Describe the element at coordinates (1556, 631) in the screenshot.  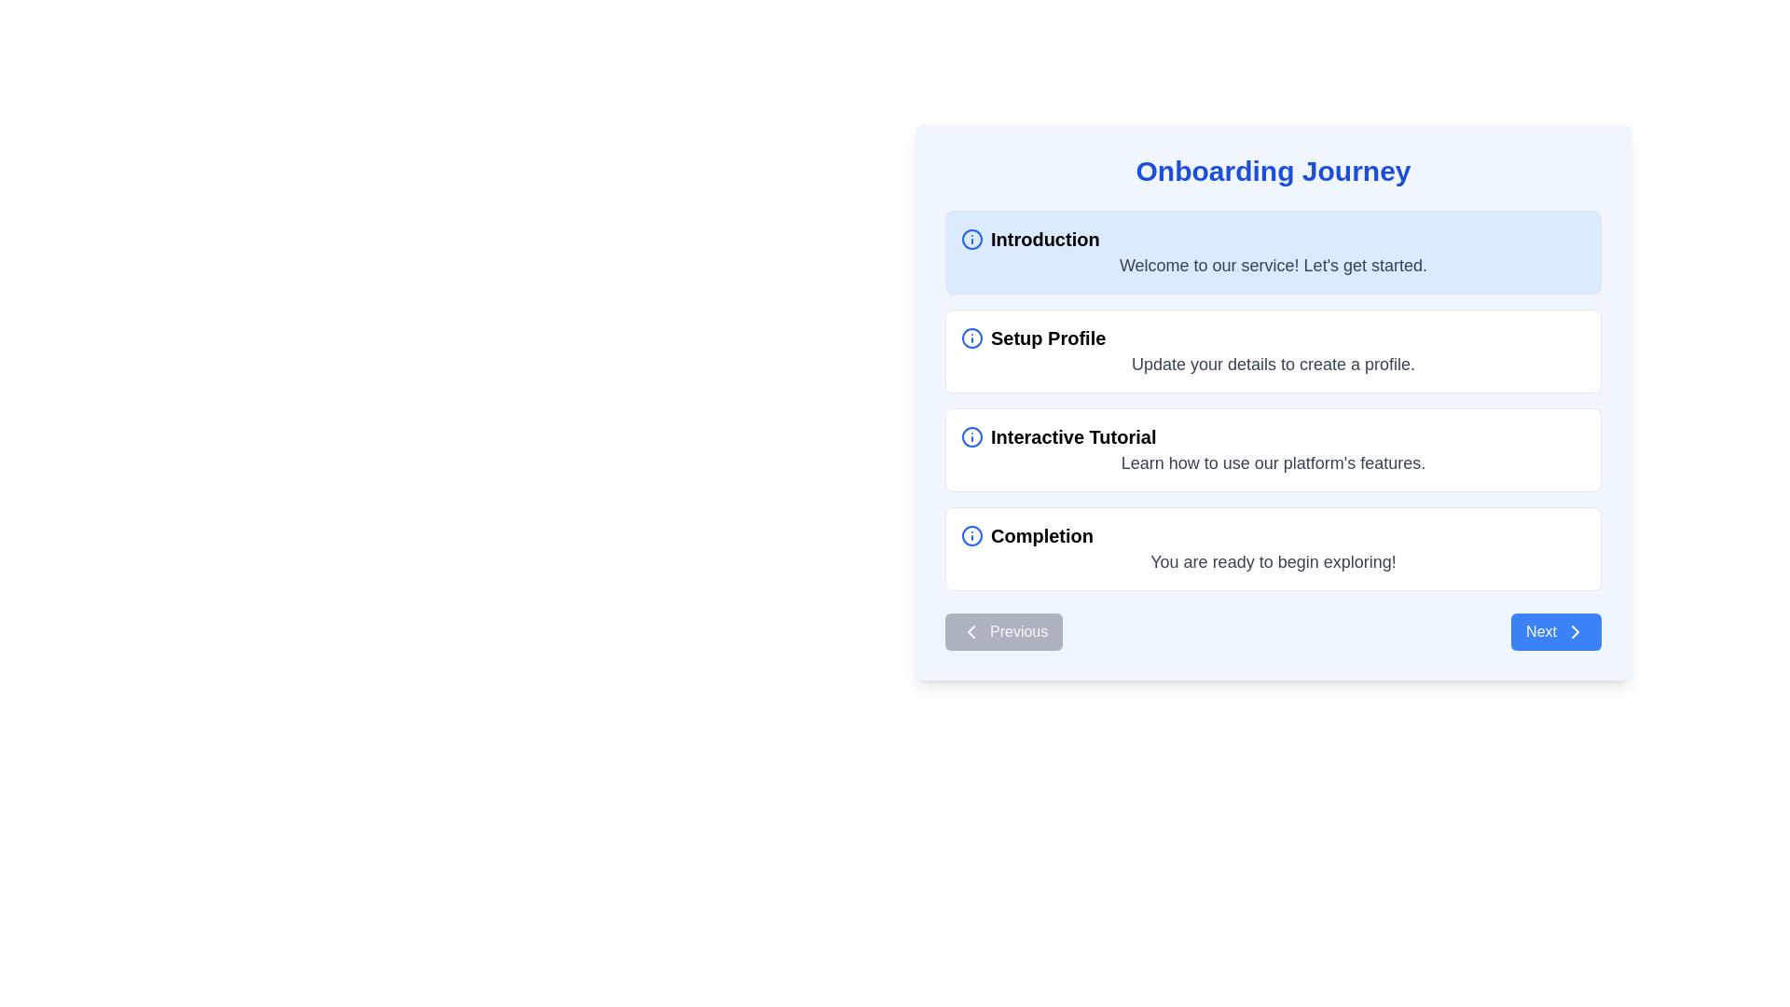
I see `the blue 'Next' button with a rightward arrow icon located in the lower-right corner of the main panel` at that location.